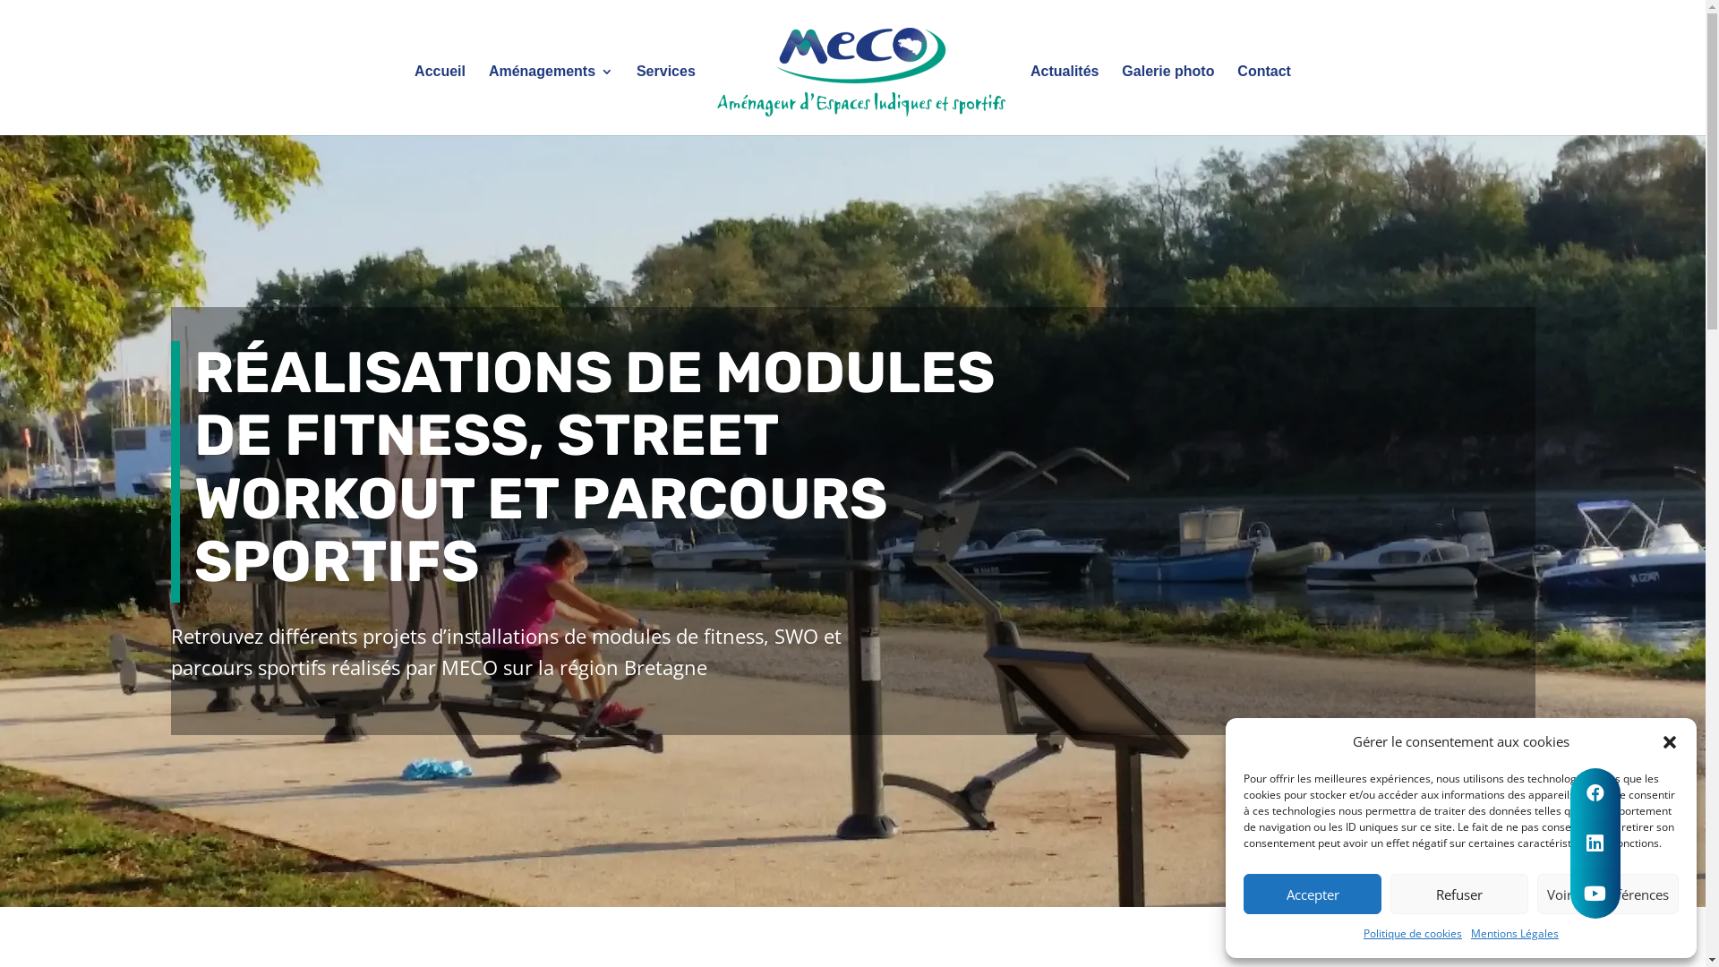 The height and width of the screenshot is (967, 1719). What do you see at coordinates (1362, 932) in the screenshot?
I see `'Politique de cookies'` at bounding box center [1362, 932].